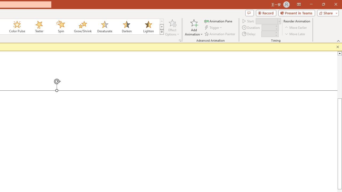  I want to click on 'Animation Pane', so click(219, 21).